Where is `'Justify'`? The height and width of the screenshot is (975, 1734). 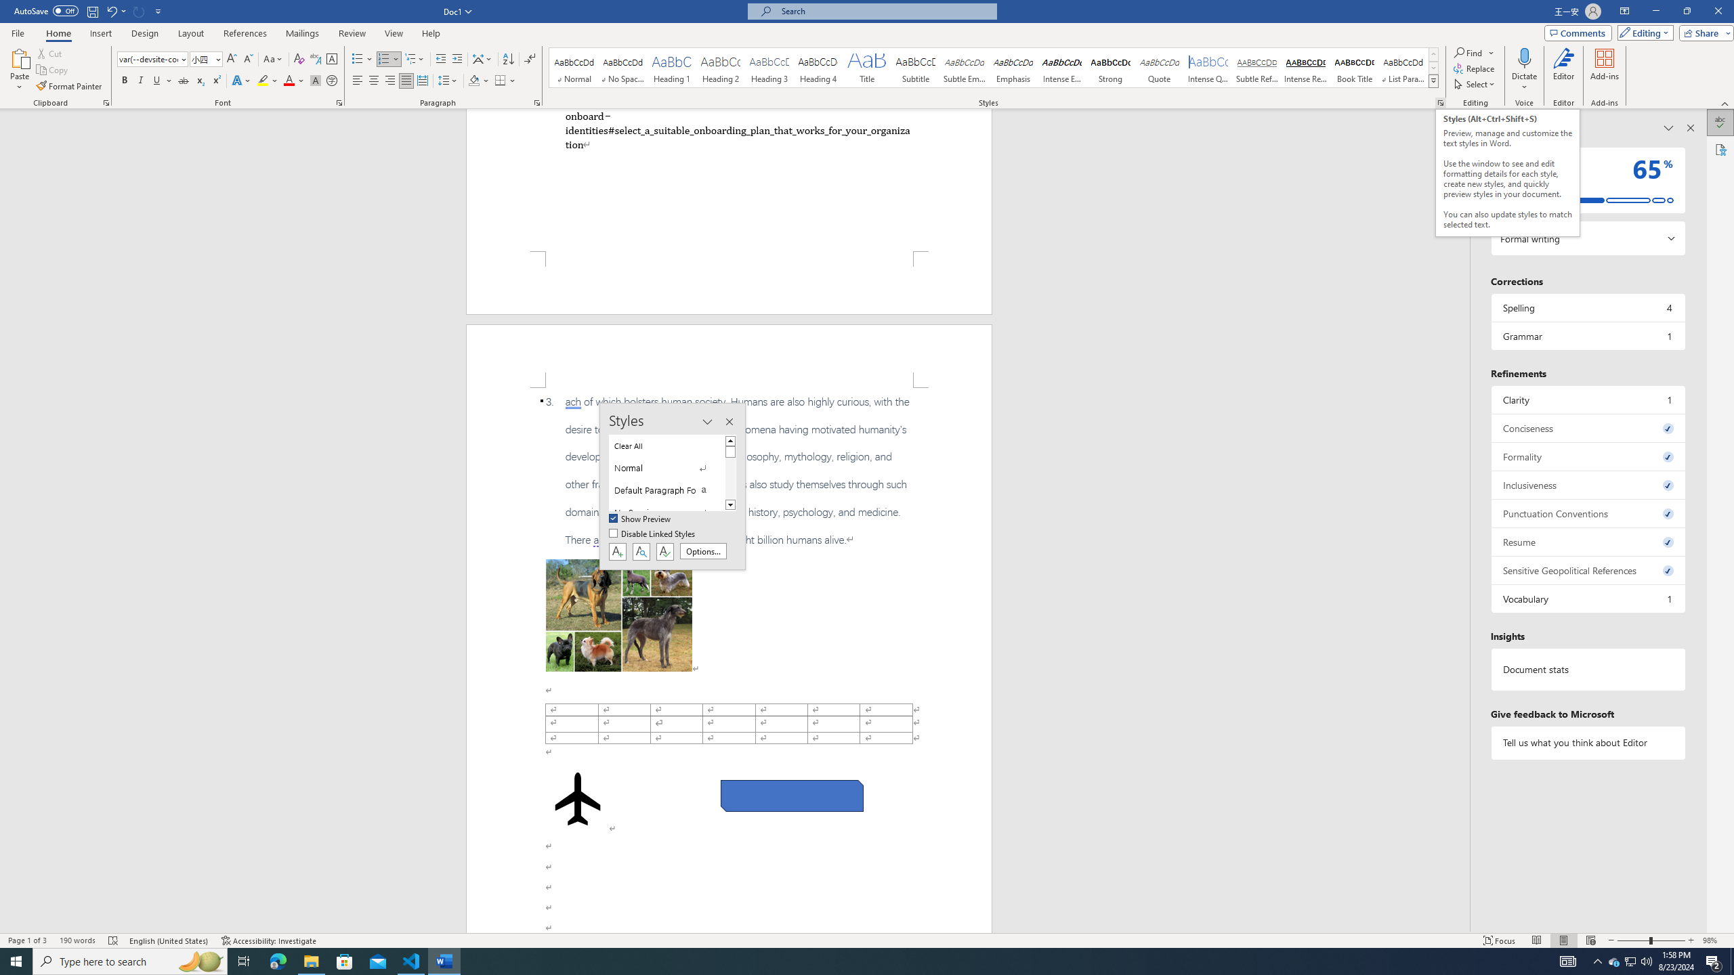 'Justify' is located at coordinates (406, 80).